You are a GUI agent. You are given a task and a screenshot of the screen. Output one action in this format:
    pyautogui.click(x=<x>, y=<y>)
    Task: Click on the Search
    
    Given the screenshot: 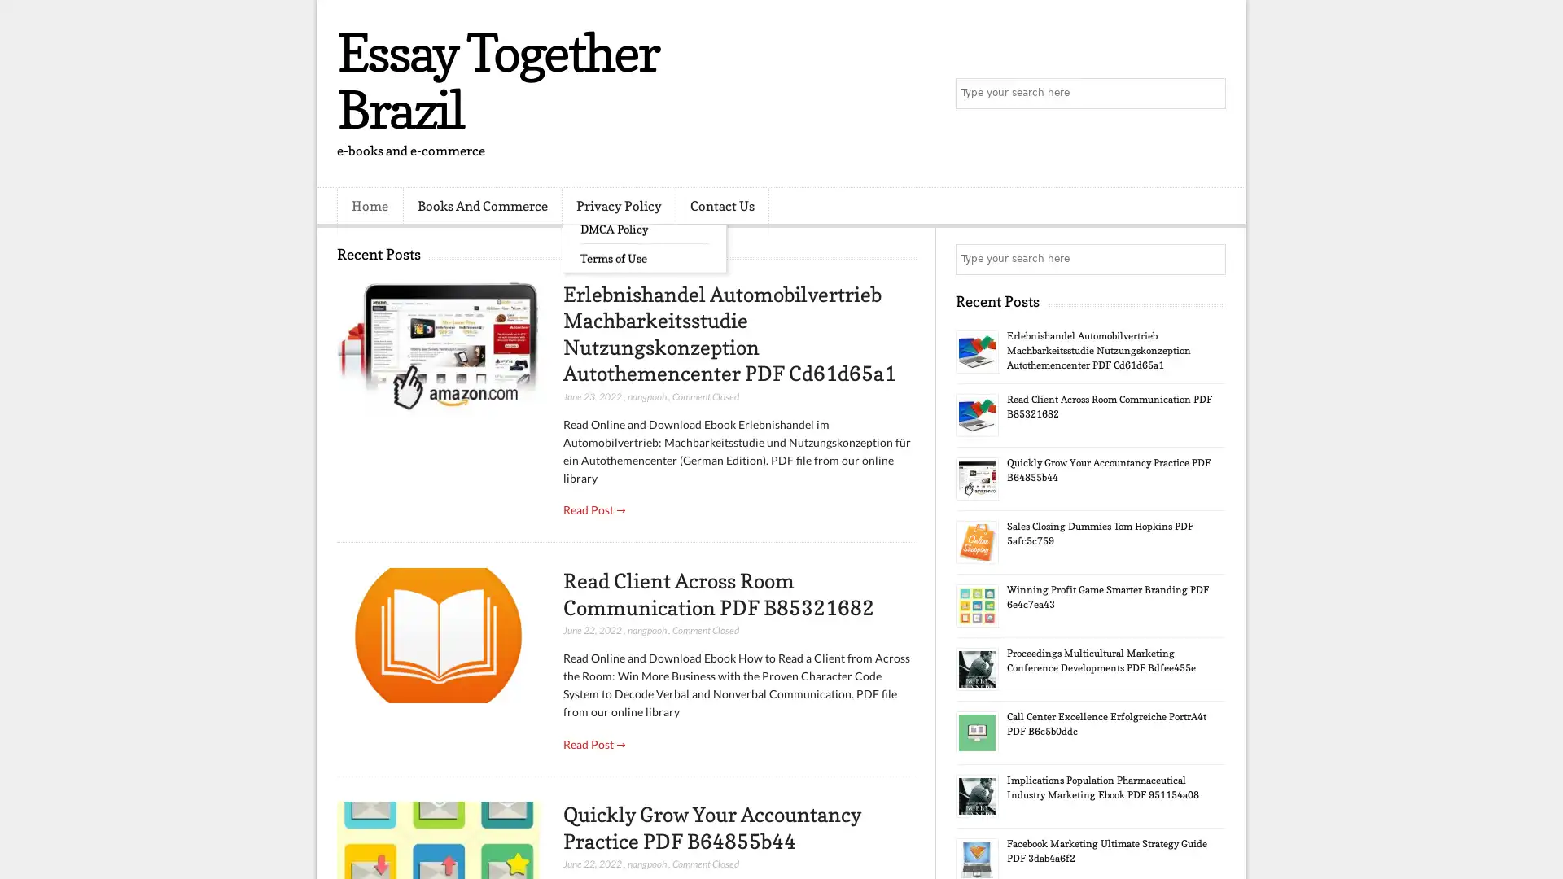 What is the action you would take?
    pyautogui.click(x=1209, y=94)
    